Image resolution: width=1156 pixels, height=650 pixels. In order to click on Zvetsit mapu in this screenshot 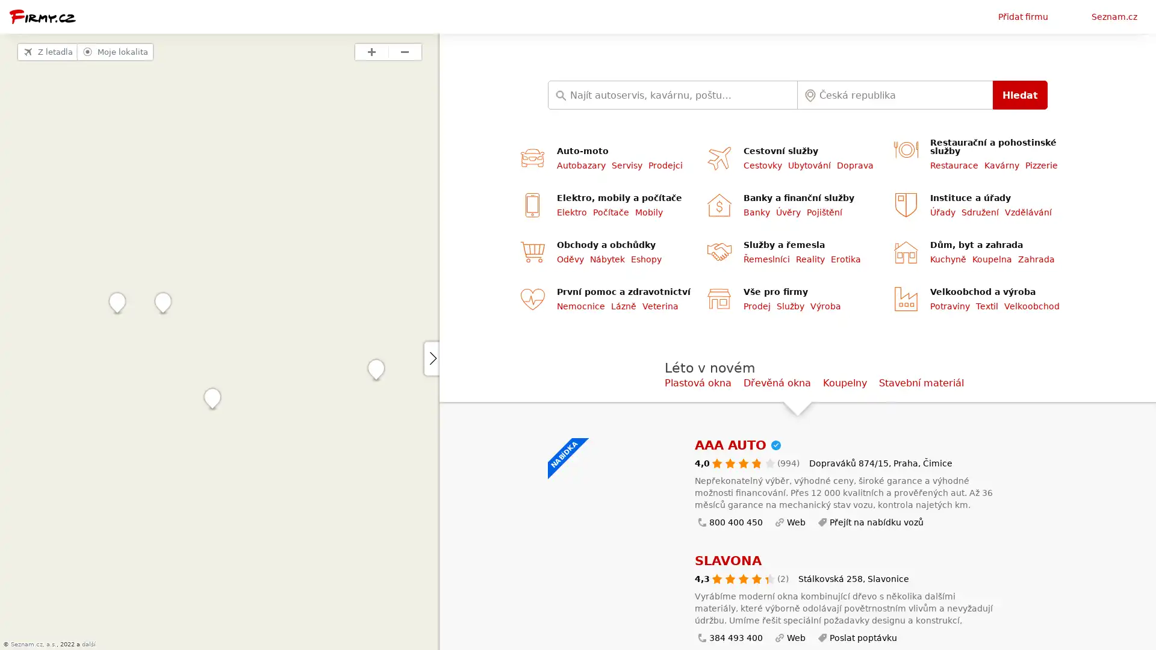, I will do `click(433, 358)`.